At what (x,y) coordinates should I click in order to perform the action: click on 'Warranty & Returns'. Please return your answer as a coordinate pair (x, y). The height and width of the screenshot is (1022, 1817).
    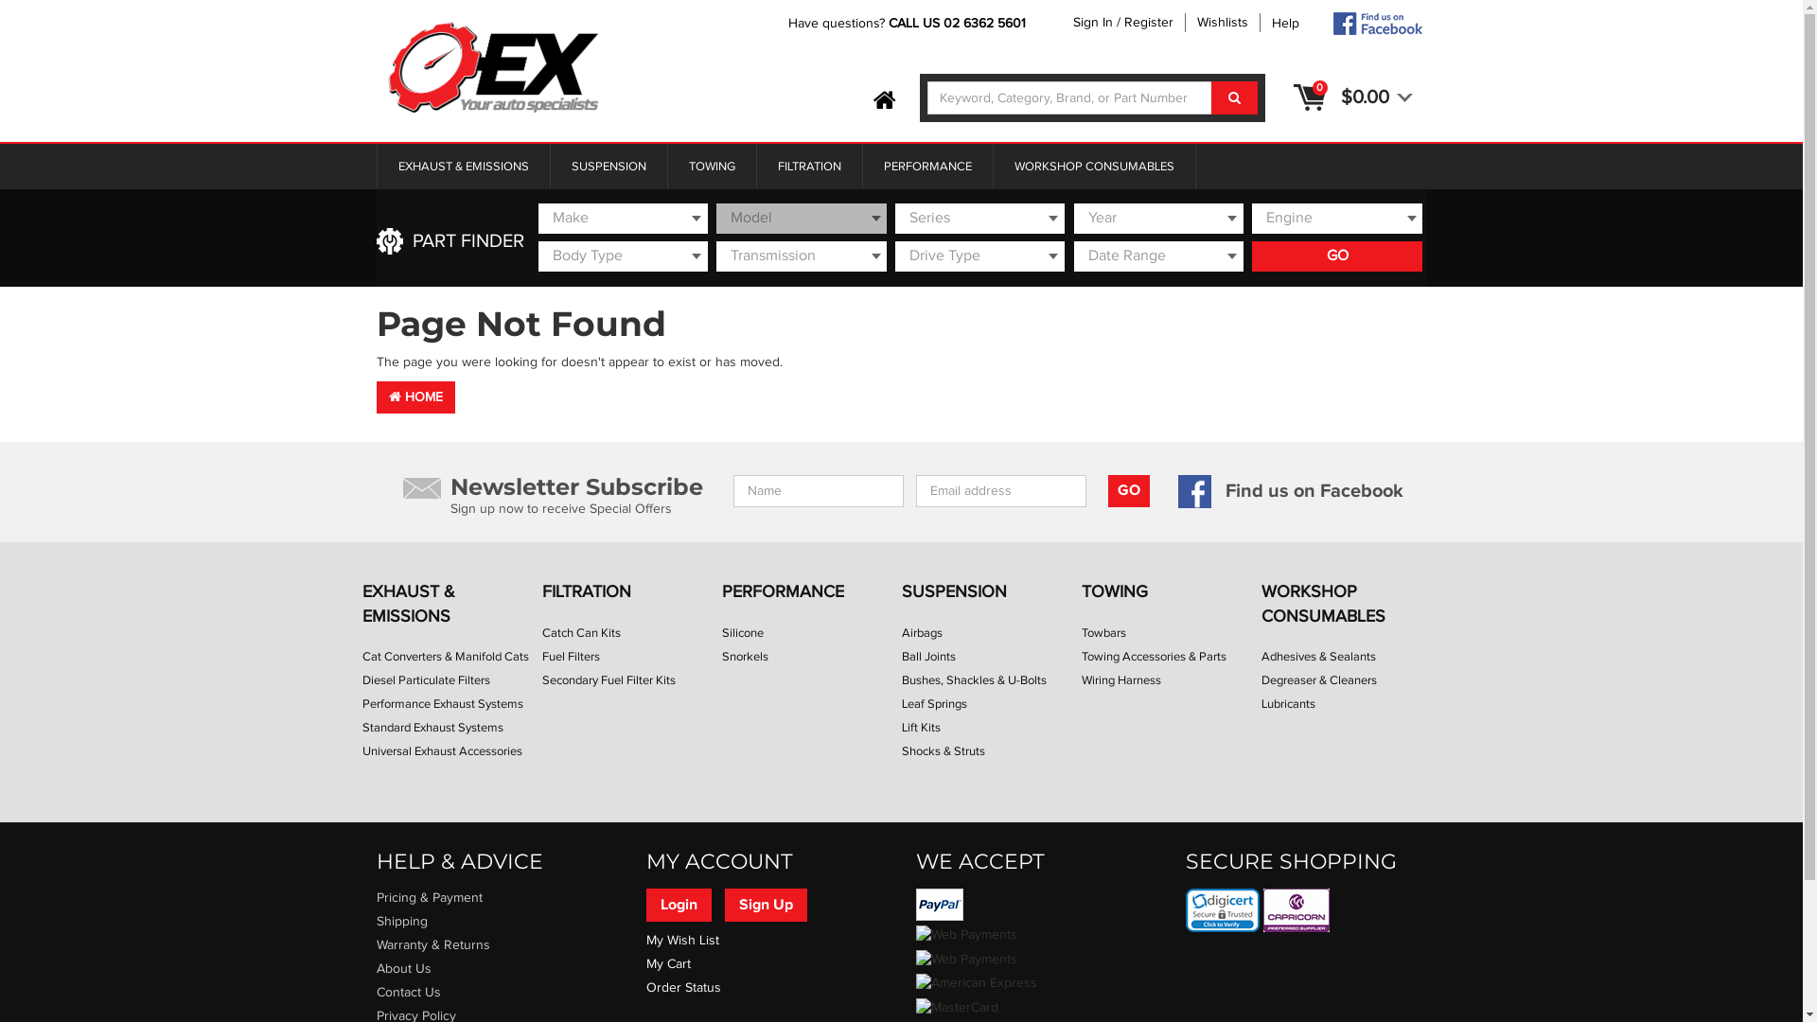
    Looking at the image, I should click on (497, 945).